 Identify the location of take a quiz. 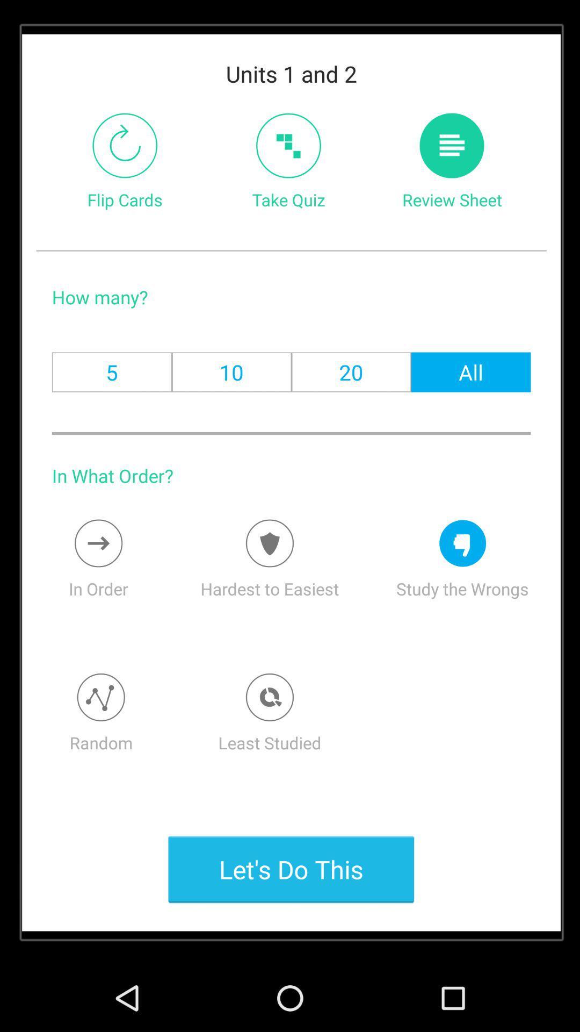
(288, 145).